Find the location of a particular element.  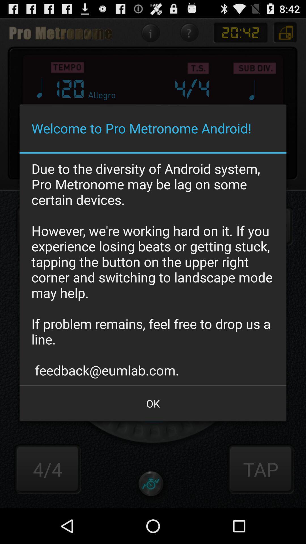

the item at the bottom is located at coordinates (153, 403).